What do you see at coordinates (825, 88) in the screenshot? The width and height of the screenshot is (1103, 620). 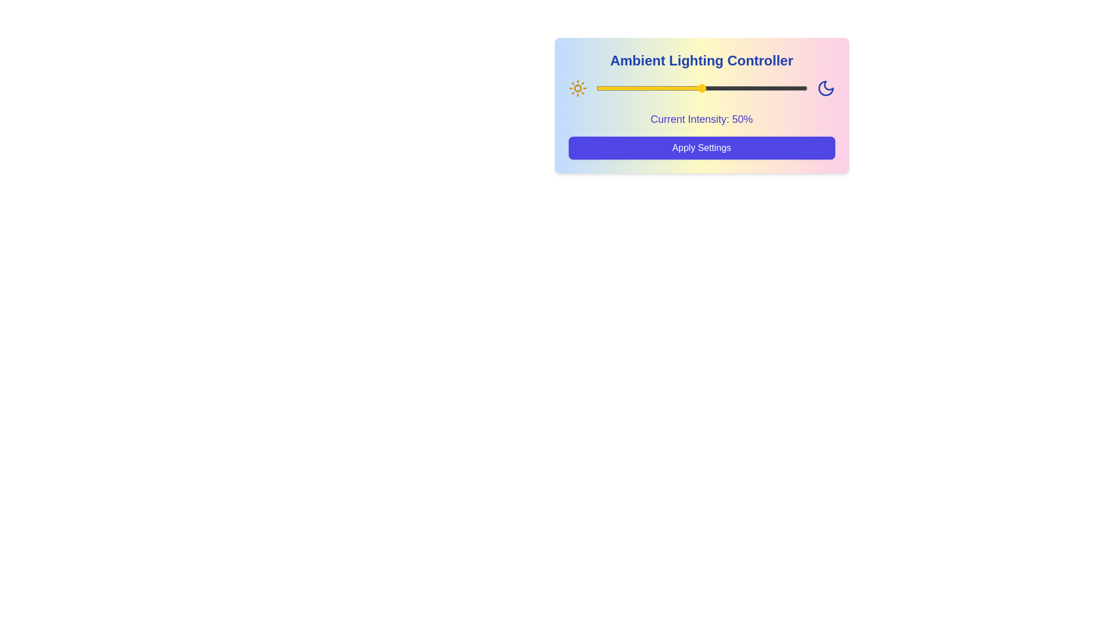 I see `the Moon icon to adjust lighting` at bounding box center [825, 88].